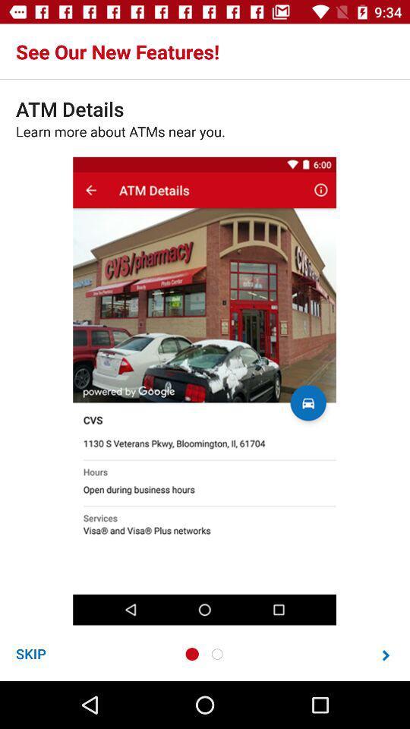 The width and height of the screenshot is (410, 729). I want to click on the skip, so click(30, 653).